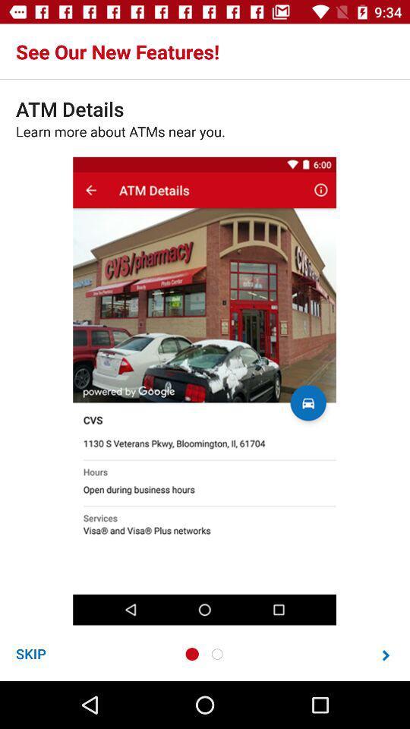 The width and height of the screenshot is (410, 729). I want to click on the skip, so click(30, 653).